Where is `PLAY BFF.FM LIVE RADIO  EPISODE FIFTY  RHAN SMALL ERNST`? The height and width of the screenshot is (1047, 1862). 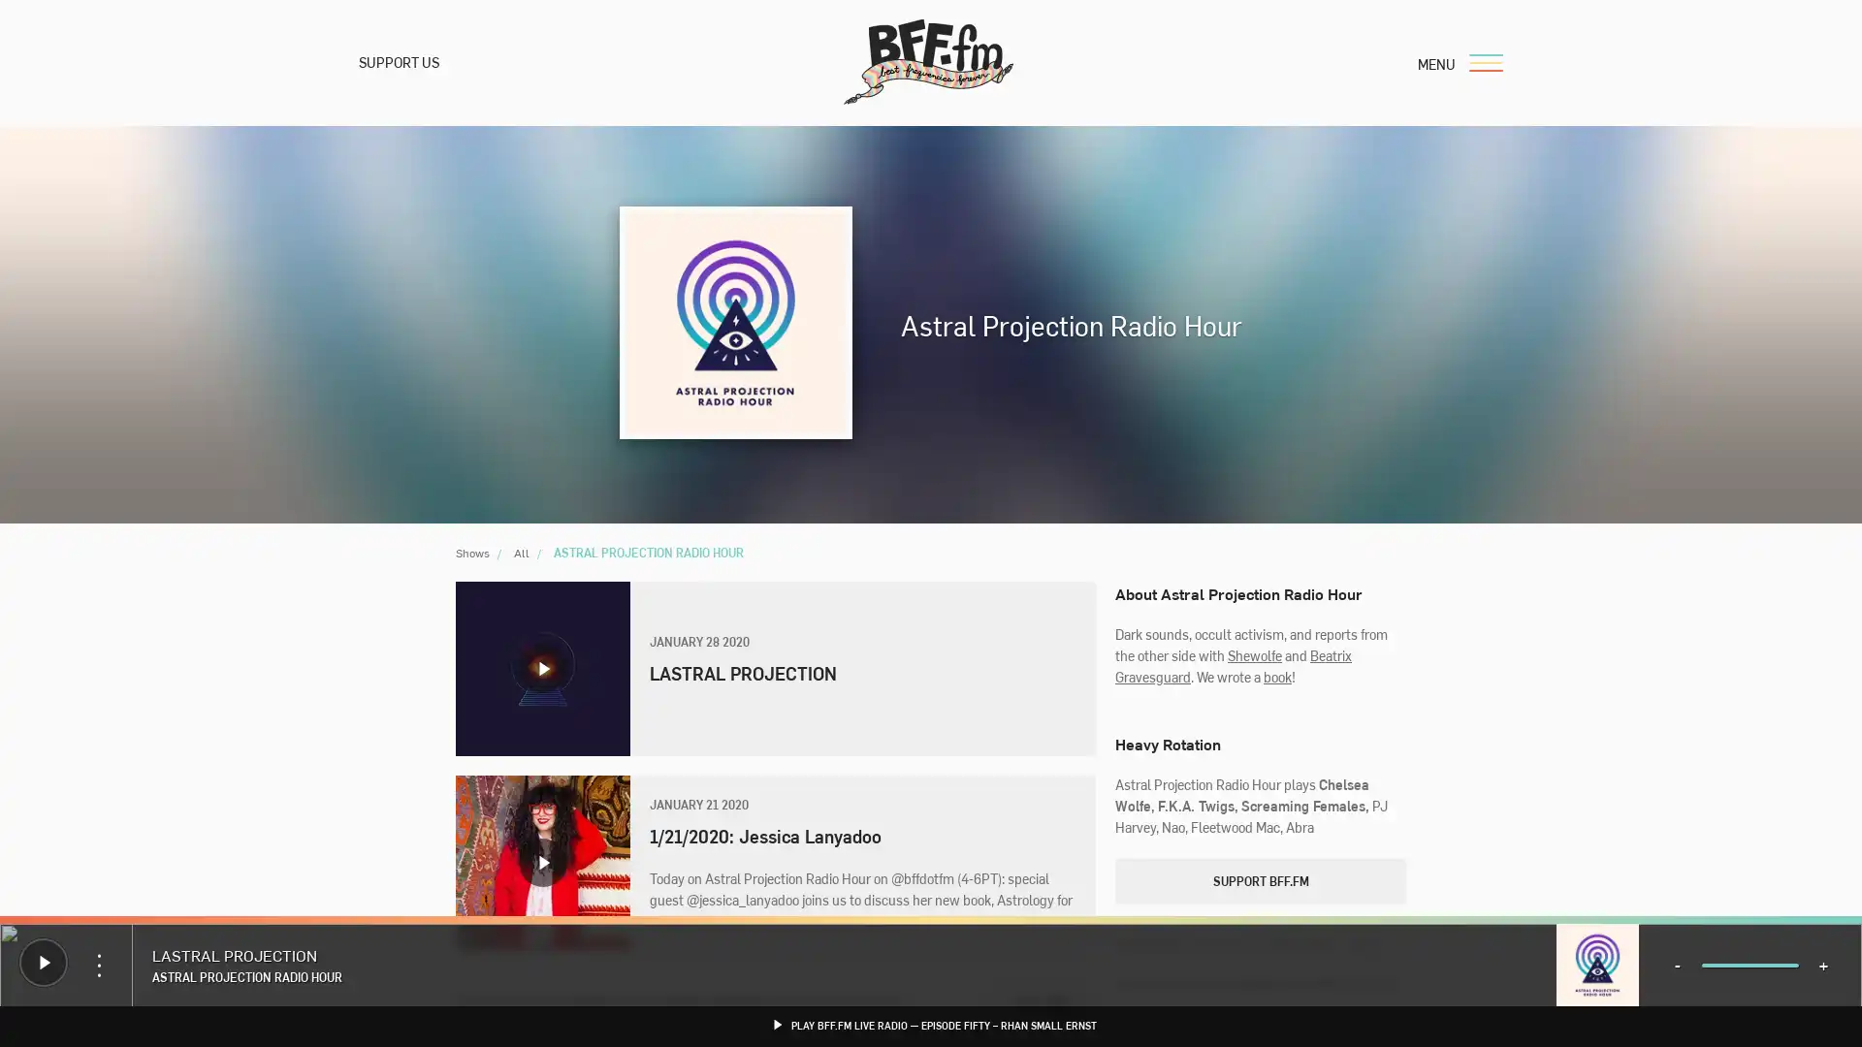
PLAY BFF.FM LIVE RADIO  EPISODE FIFTY  RHAN SMALL ERNST is located at coordinates (931, 1023).